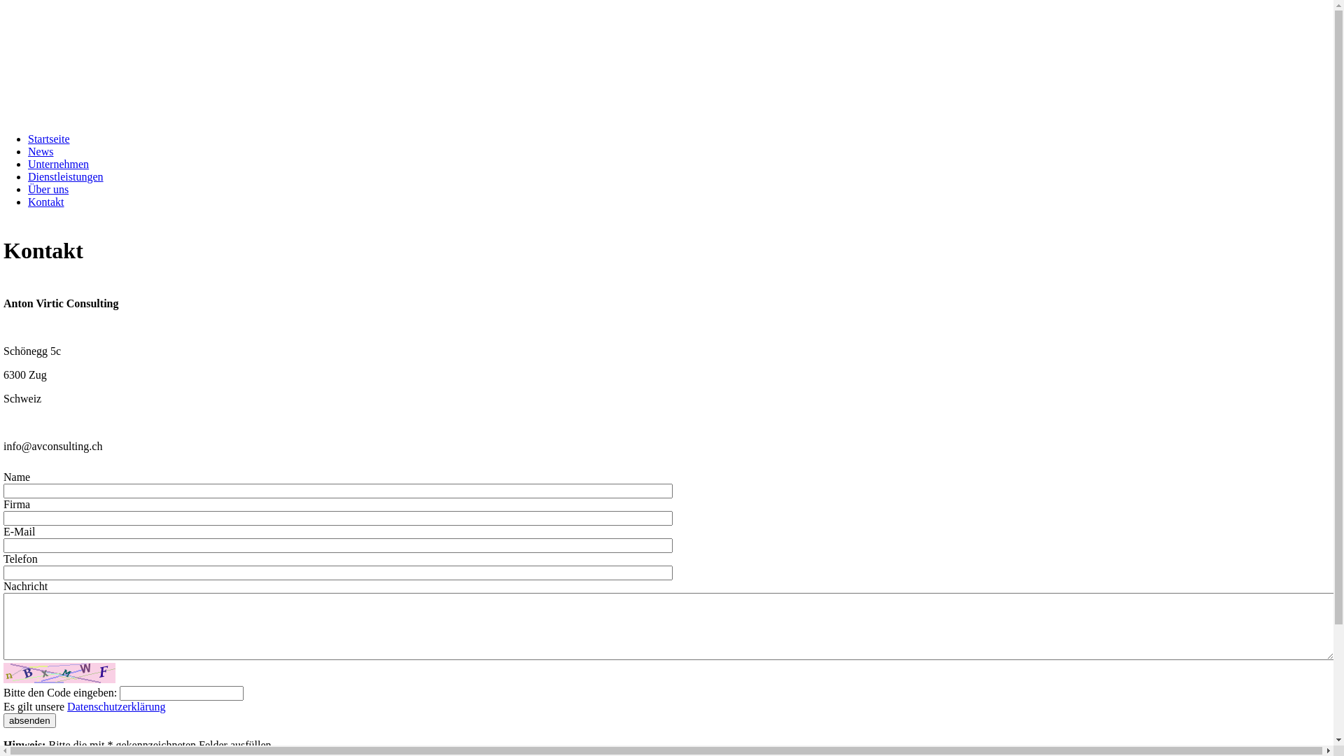 The width and height of the screenshot is (1344, 756). What do you see at coordinates (49, 139) in the screenshot?
I see `'Startseite'` at bounding box center [49, 139].